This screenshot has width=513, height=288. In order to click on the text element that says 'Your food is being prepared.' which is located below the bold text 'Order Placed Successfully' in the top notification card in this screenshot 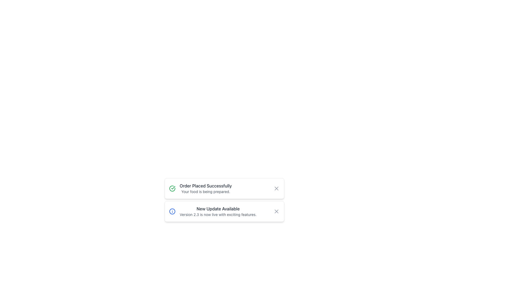, I will do `click(205, 191)`.